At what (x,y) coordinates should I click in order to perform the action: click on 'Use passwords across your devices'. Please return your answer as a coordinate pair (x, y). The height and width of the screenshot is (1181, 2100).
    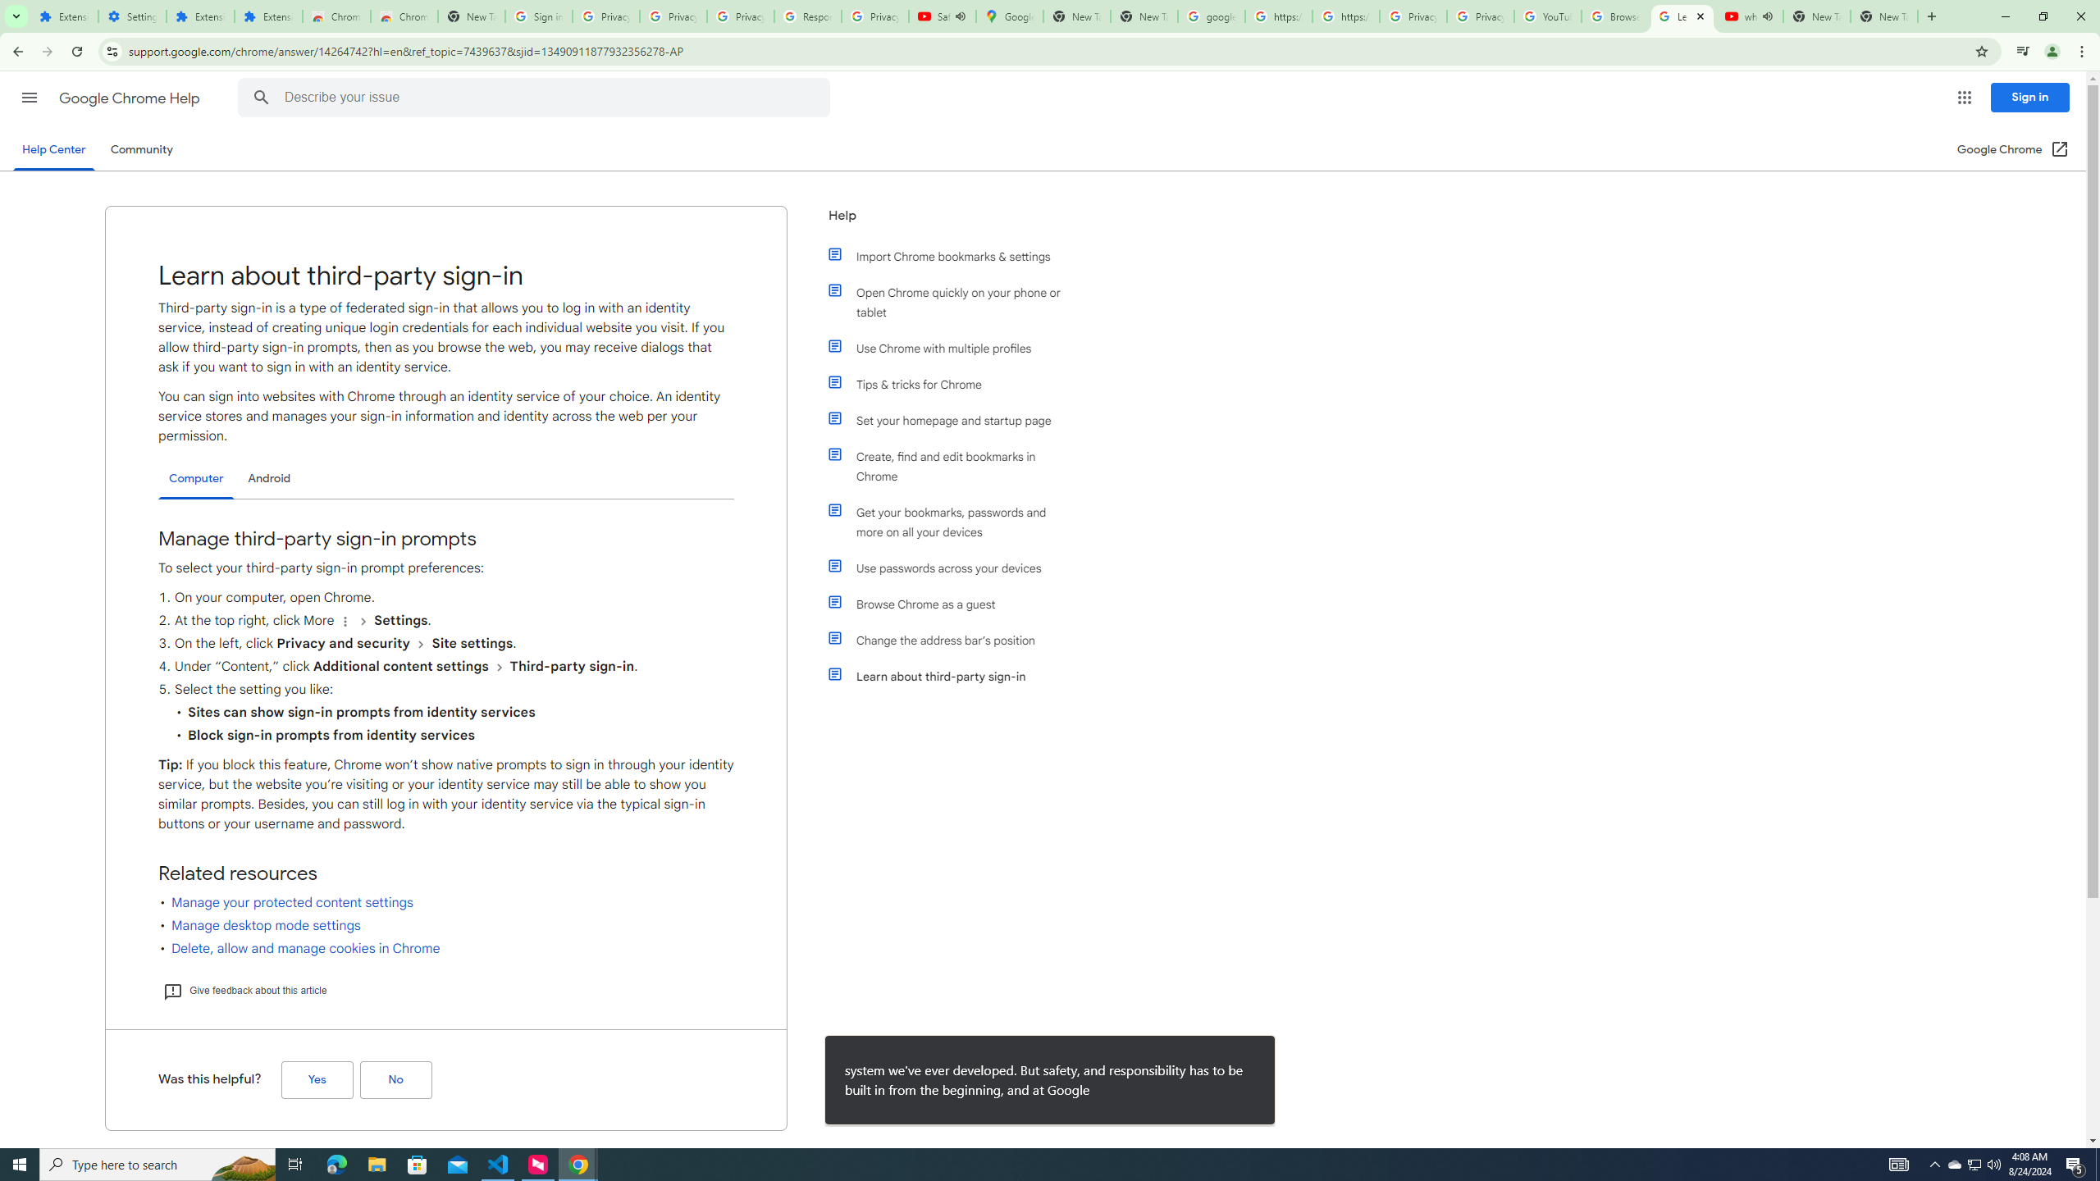
    Looking at the image, I should click on (953, 568).